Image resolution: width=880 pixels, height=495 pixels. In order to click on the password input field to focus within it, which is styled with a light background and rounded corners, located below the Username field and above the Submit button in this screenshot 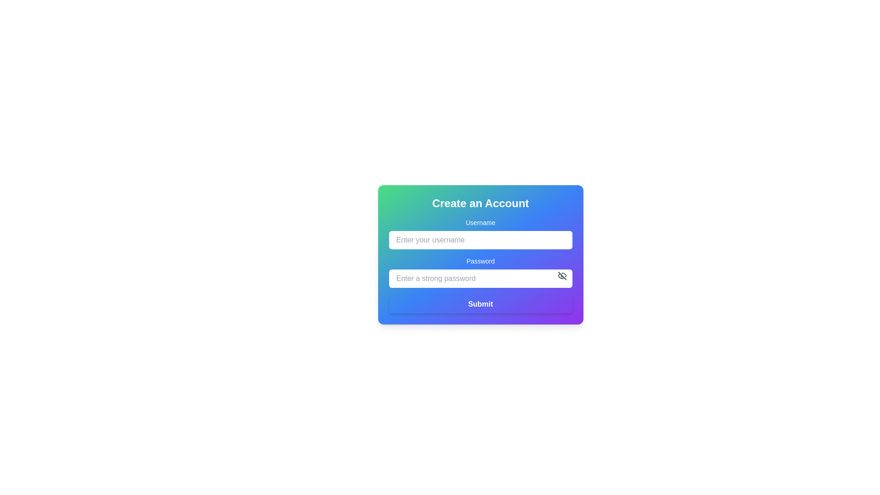, I will do `click(480, 272)`.